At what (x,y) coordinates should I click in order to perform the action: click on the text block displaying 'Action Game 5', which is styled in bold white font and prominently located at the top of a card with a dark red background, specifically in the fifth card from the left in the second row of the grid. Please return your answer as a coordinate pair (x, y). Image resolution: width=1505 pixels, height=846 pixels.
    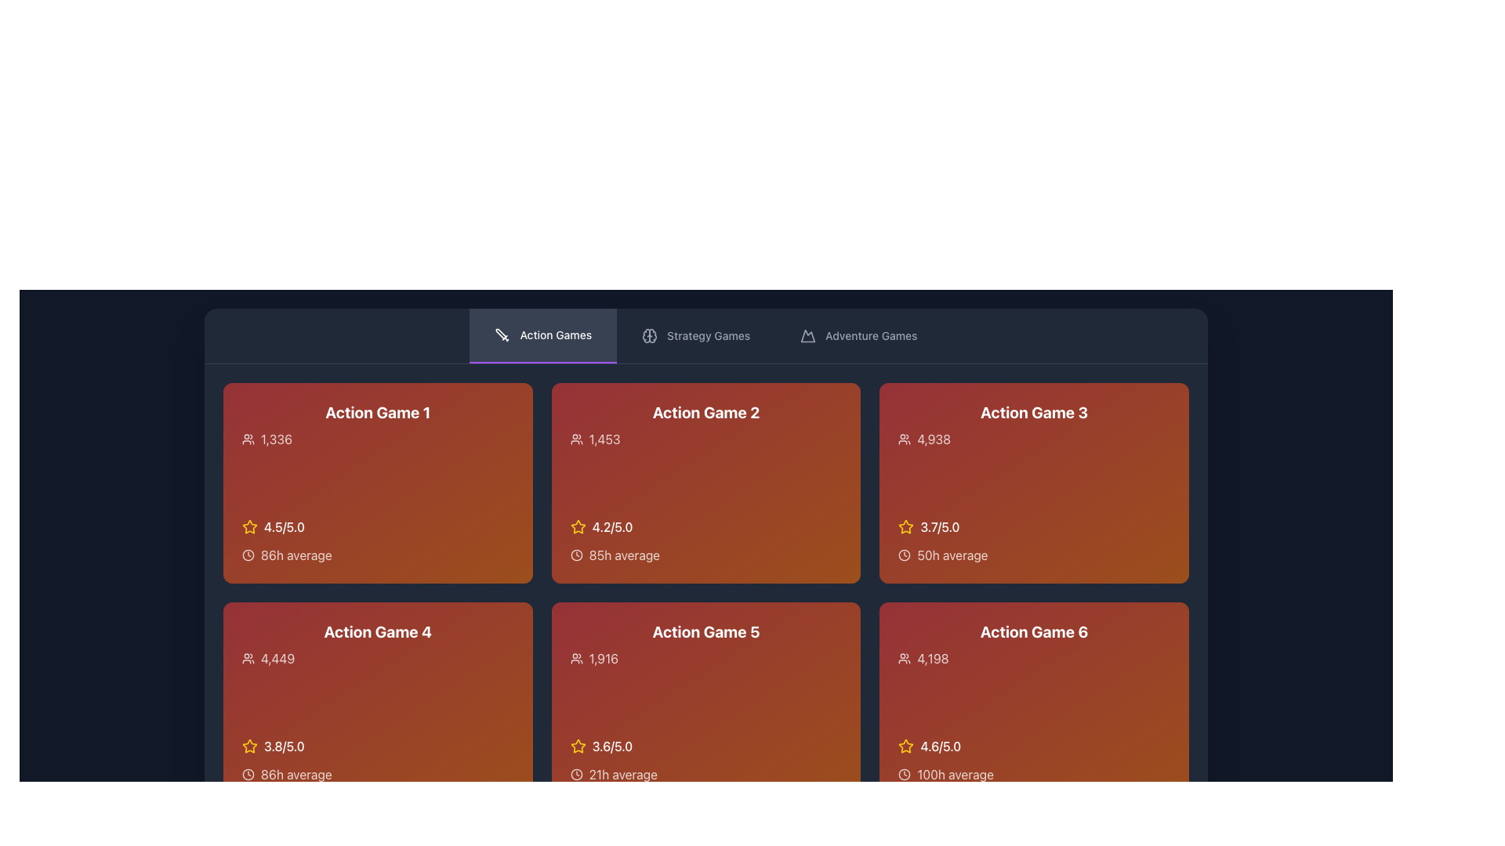
    Looking at the image, I should click on (705, 644).